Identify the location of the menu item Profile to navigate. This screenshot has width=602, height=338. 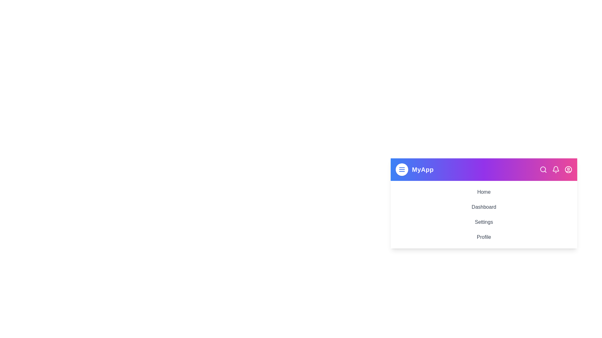
(483, 237).